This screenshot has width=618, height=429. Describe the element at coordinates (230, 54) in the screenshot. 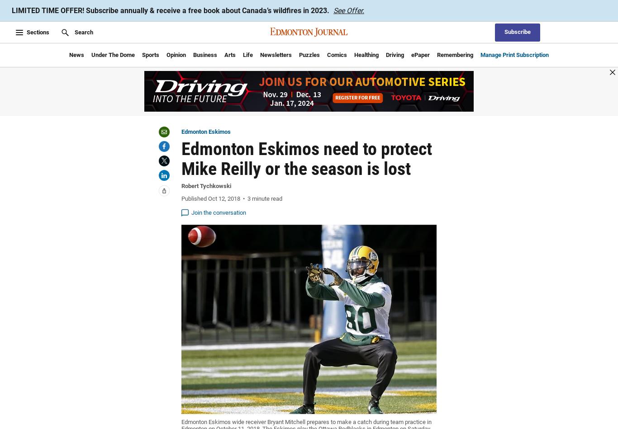

I see `'Arts'` at that location.